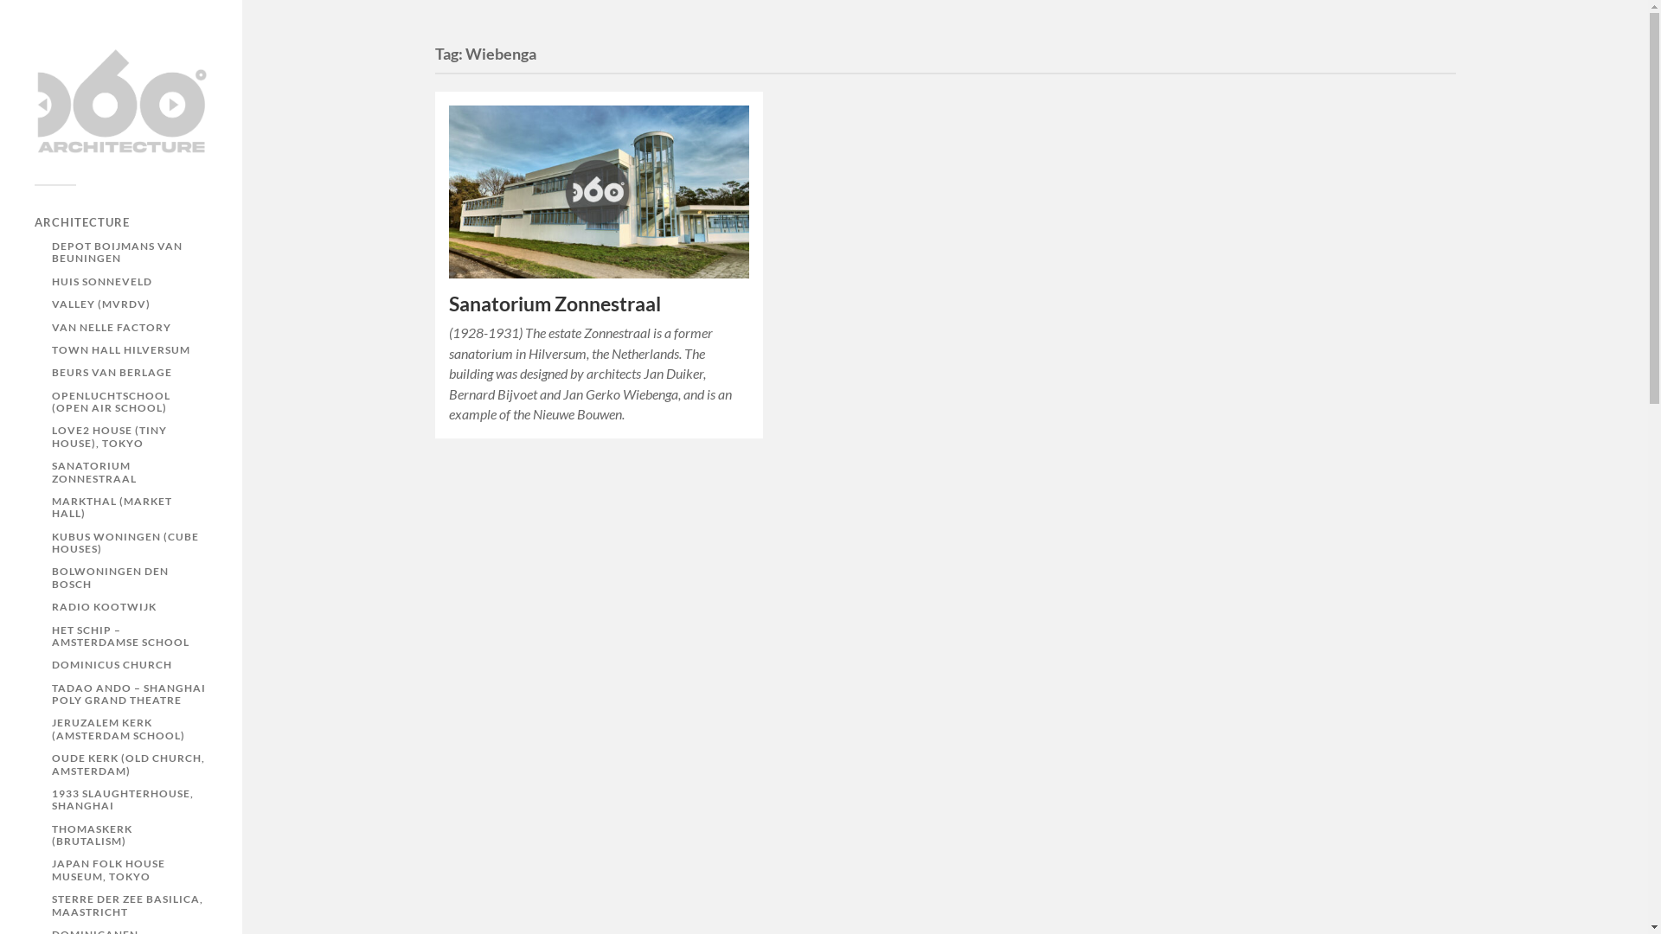  I want to click on 'JERUZALEM KERK (AMSTERDAM SCHOOL)', so click(118, 728).